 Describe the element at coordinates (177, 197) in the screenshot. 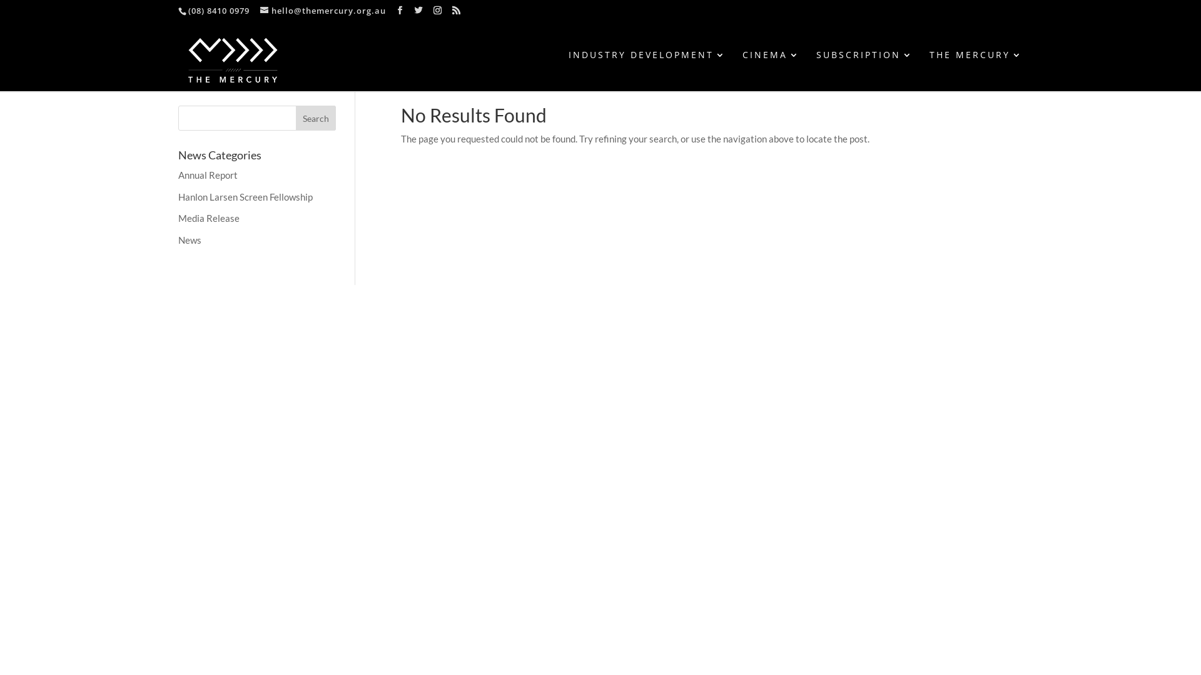

I see `'Hanlon Larsen Screen Fellowship'` at that location.